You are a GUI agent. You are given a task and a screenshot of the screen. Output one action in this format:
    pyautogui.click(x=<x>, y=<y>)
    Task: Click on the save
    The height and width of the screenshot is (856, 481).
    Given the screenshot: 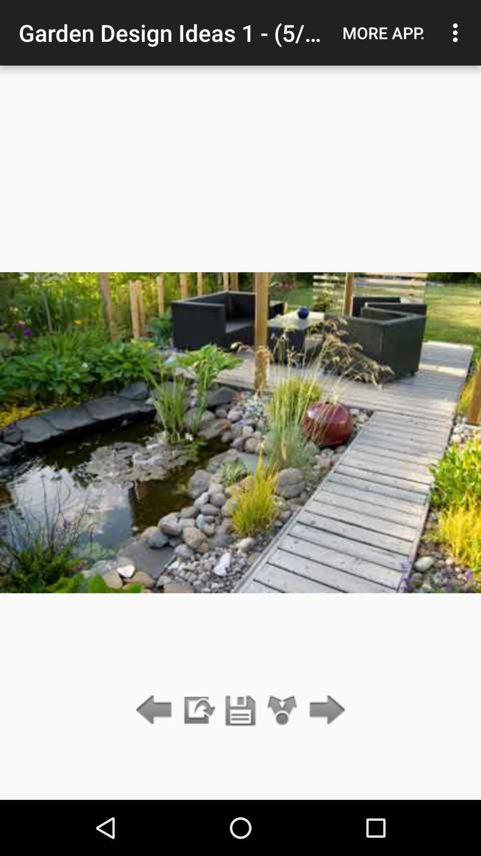 What is the action you would take?
    pyautogui.click(x=240, y=710)
    